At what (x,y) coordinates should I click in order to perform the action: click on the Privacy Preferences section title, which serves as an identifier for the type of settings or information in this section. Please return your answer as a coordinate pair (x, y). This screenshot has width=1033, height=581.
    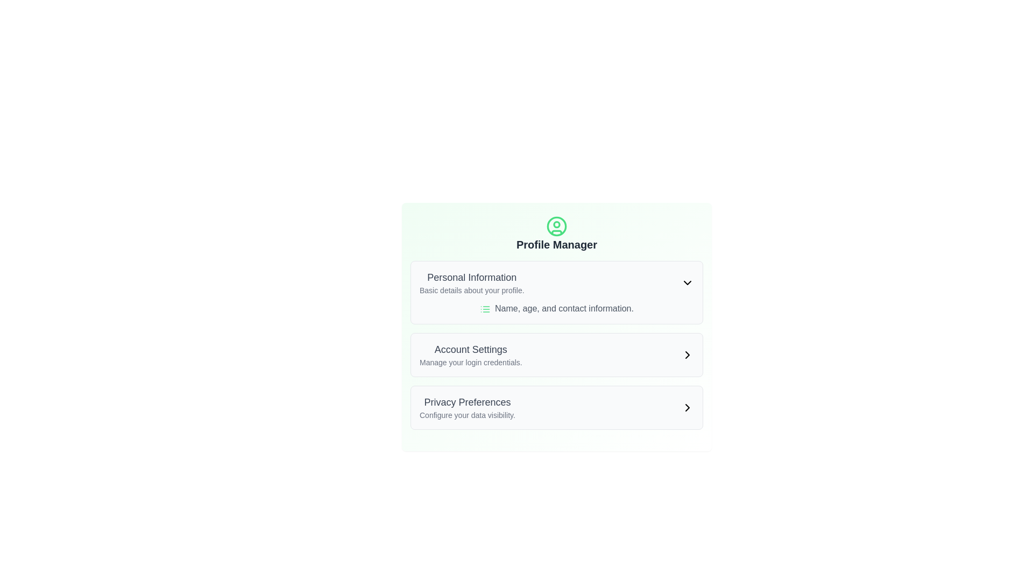
    Looking at the image, I should click on (467, 402).